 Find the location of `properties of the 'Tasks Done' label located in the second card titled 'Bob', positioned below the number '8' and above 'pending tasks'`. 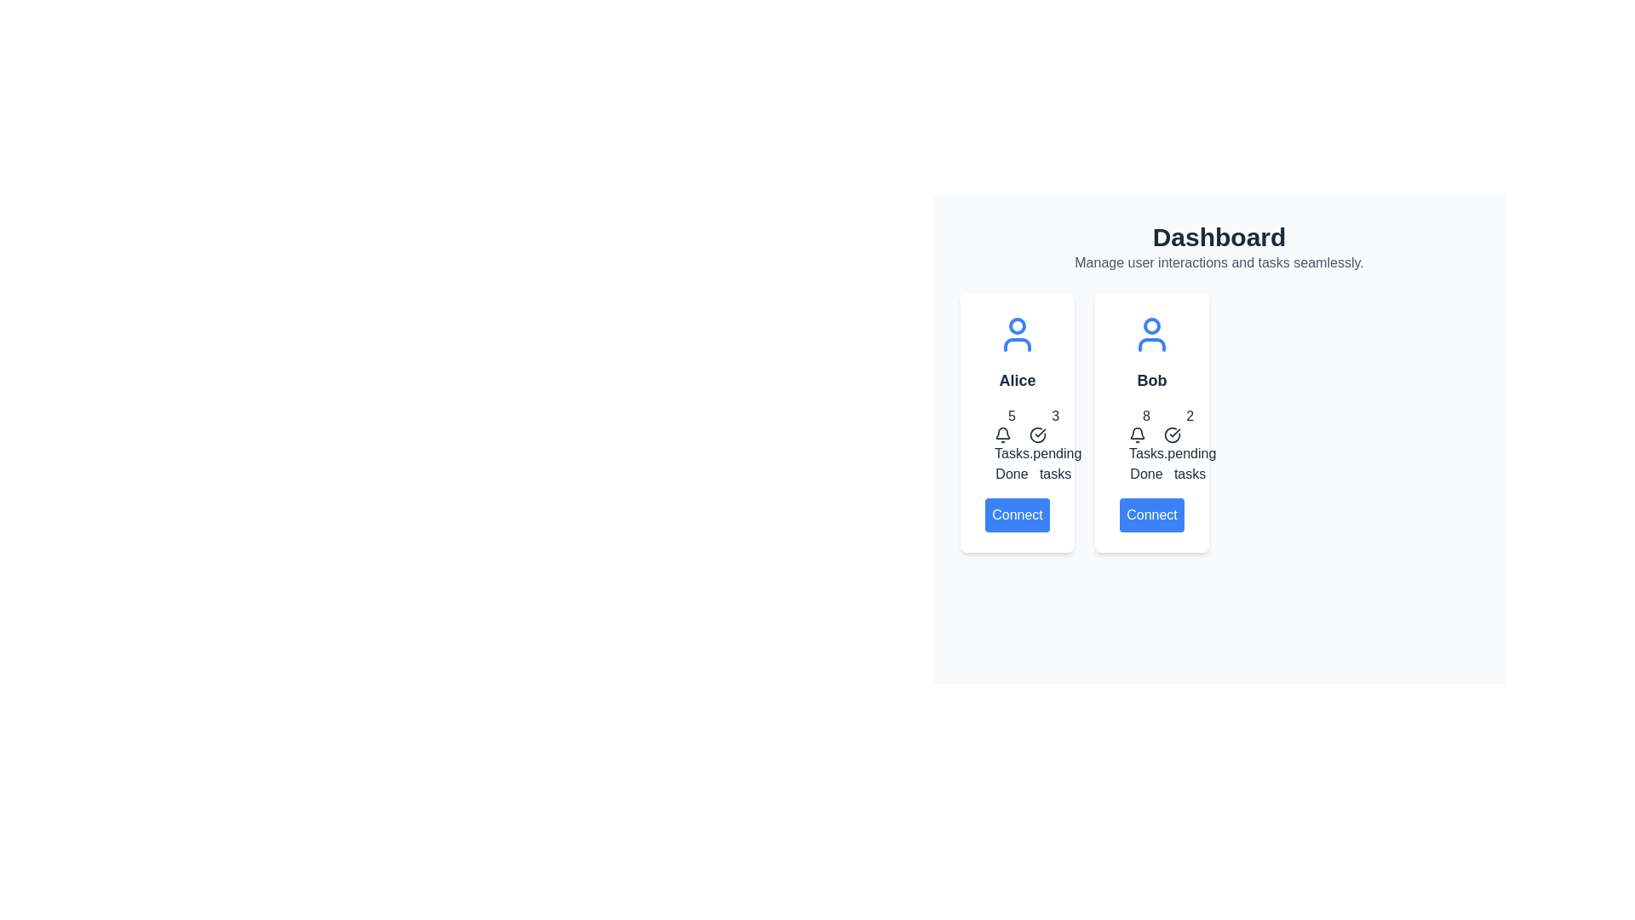

properties of the 'Tasks Done' label located in the second card titled 'Bob', positioned below the number '8' and above 'pending tasks' is located at coordinates (1146, 463).